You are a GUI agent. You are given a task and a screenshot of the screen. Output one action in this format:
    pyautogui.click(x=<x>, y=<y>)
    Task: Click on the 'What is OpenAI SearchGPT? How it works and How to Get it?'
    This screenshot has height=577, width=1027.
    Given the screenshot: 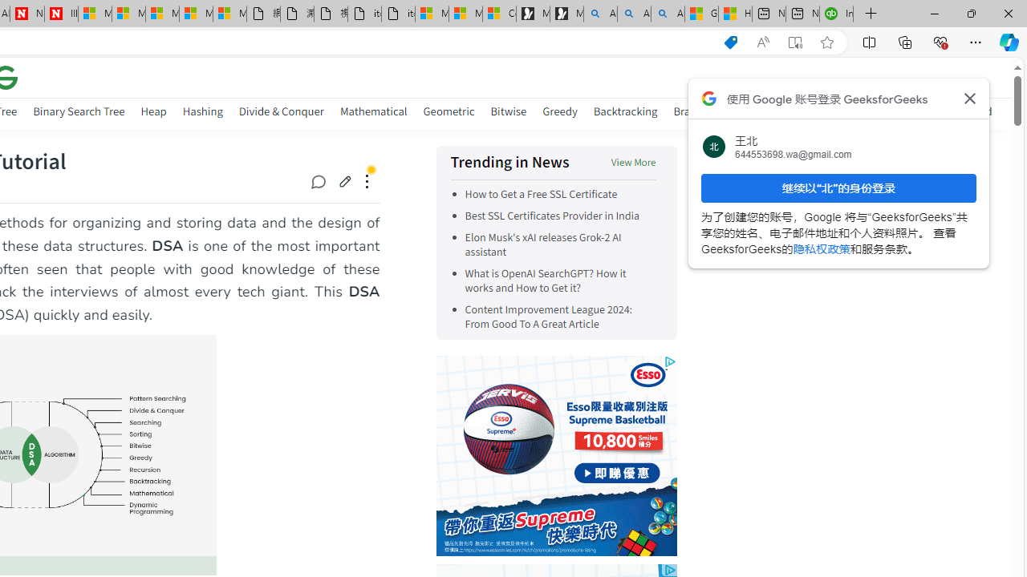 What is the action you would take?
    pyautogui.click(x=545, y=280)
    